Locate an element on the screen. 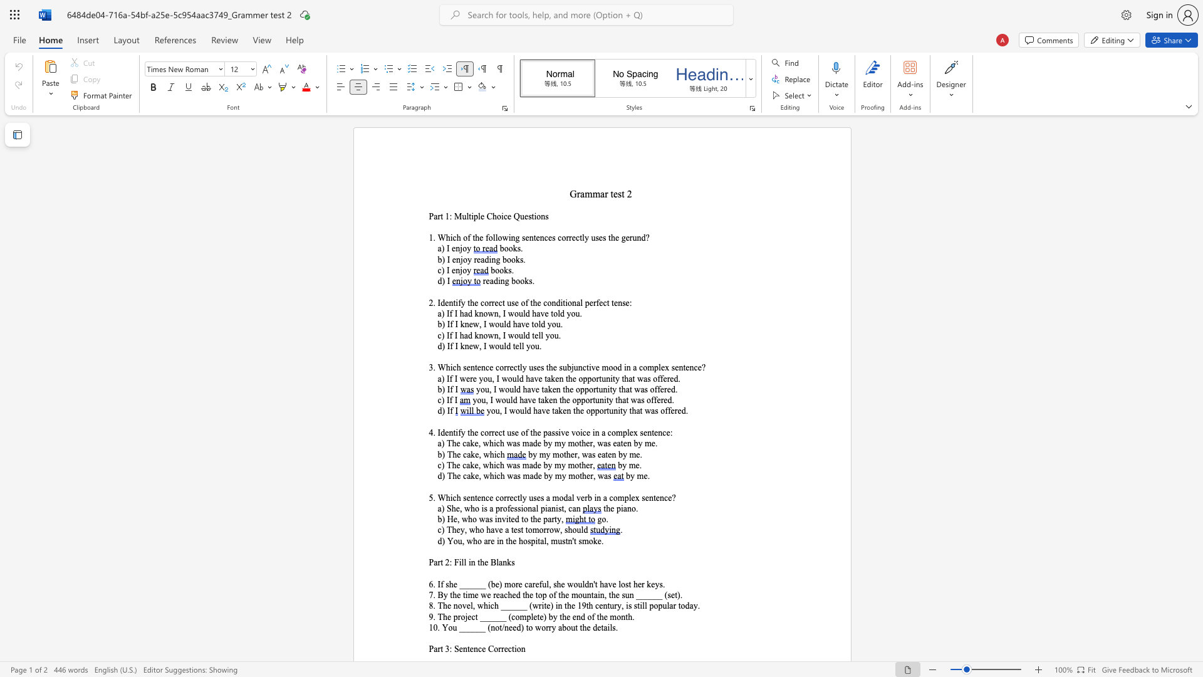 The width and height of the screenshot is (1203, 677). the subset text "ed to th" within the text "b) He, who was invited to the party," is located at coordinates (511, 519).